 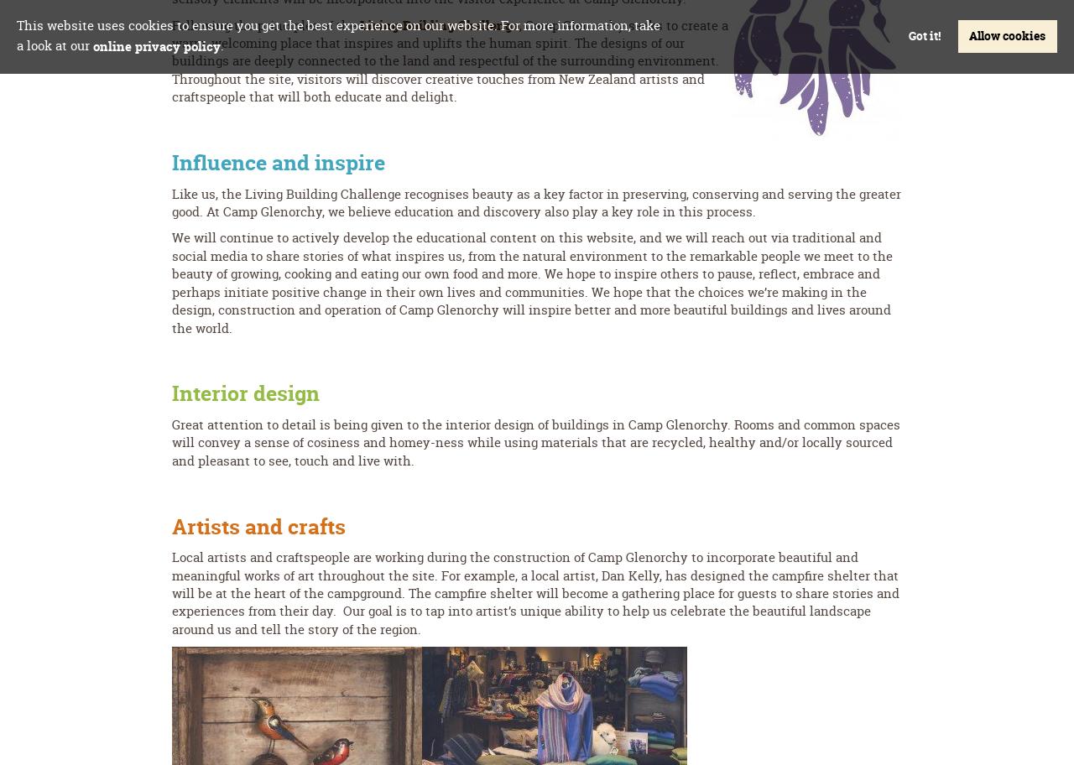 What do you see at coordinates (531, 282) in the screenshot?
I see `'We will continue to actively develop the educational content on this website, and we will reach out via traditional and social media to share stories of what inspires us, from the natural environment to the remarkable people we meet to the beauty of growing, cooking and eating our own food and more. We hope to inspire others to pause, reflect, embrace and perhaps initiate positive change in their own lives and communities. We hope that the choices we’re making in the design, construction and operation of Camp Glenorchy will inspire better and more beautiful buildings and lives around the world.'` at bounding box center [531, 282].